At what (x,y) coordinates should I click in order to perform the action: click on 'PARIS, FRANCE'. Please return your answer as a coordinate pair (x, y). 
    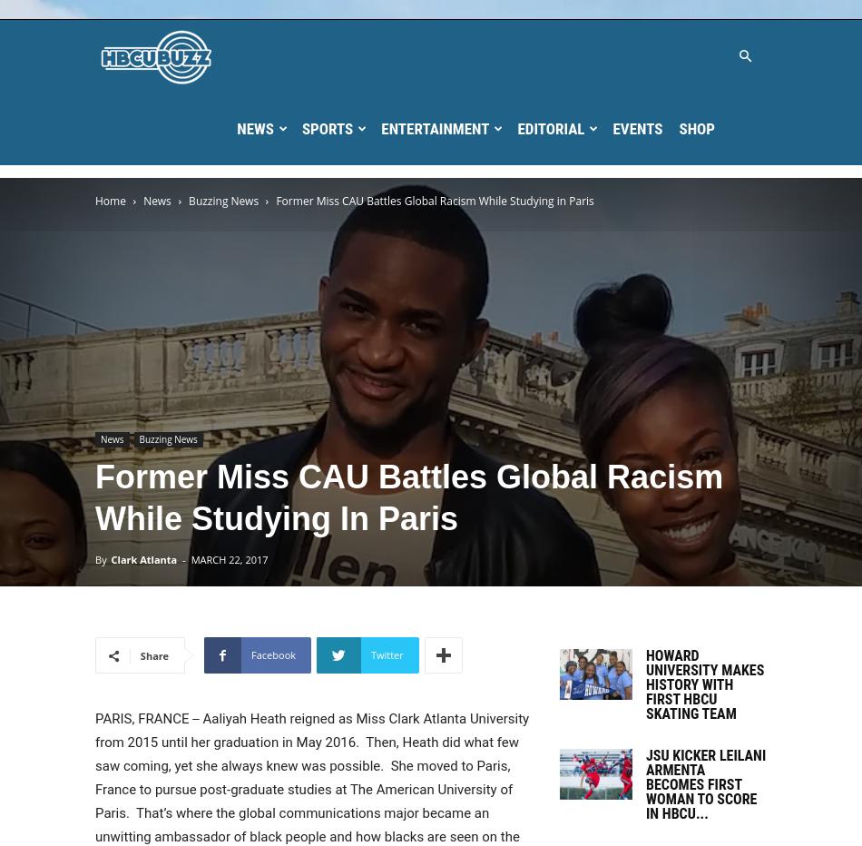
    Looking at the image, I should click on (142, 719).